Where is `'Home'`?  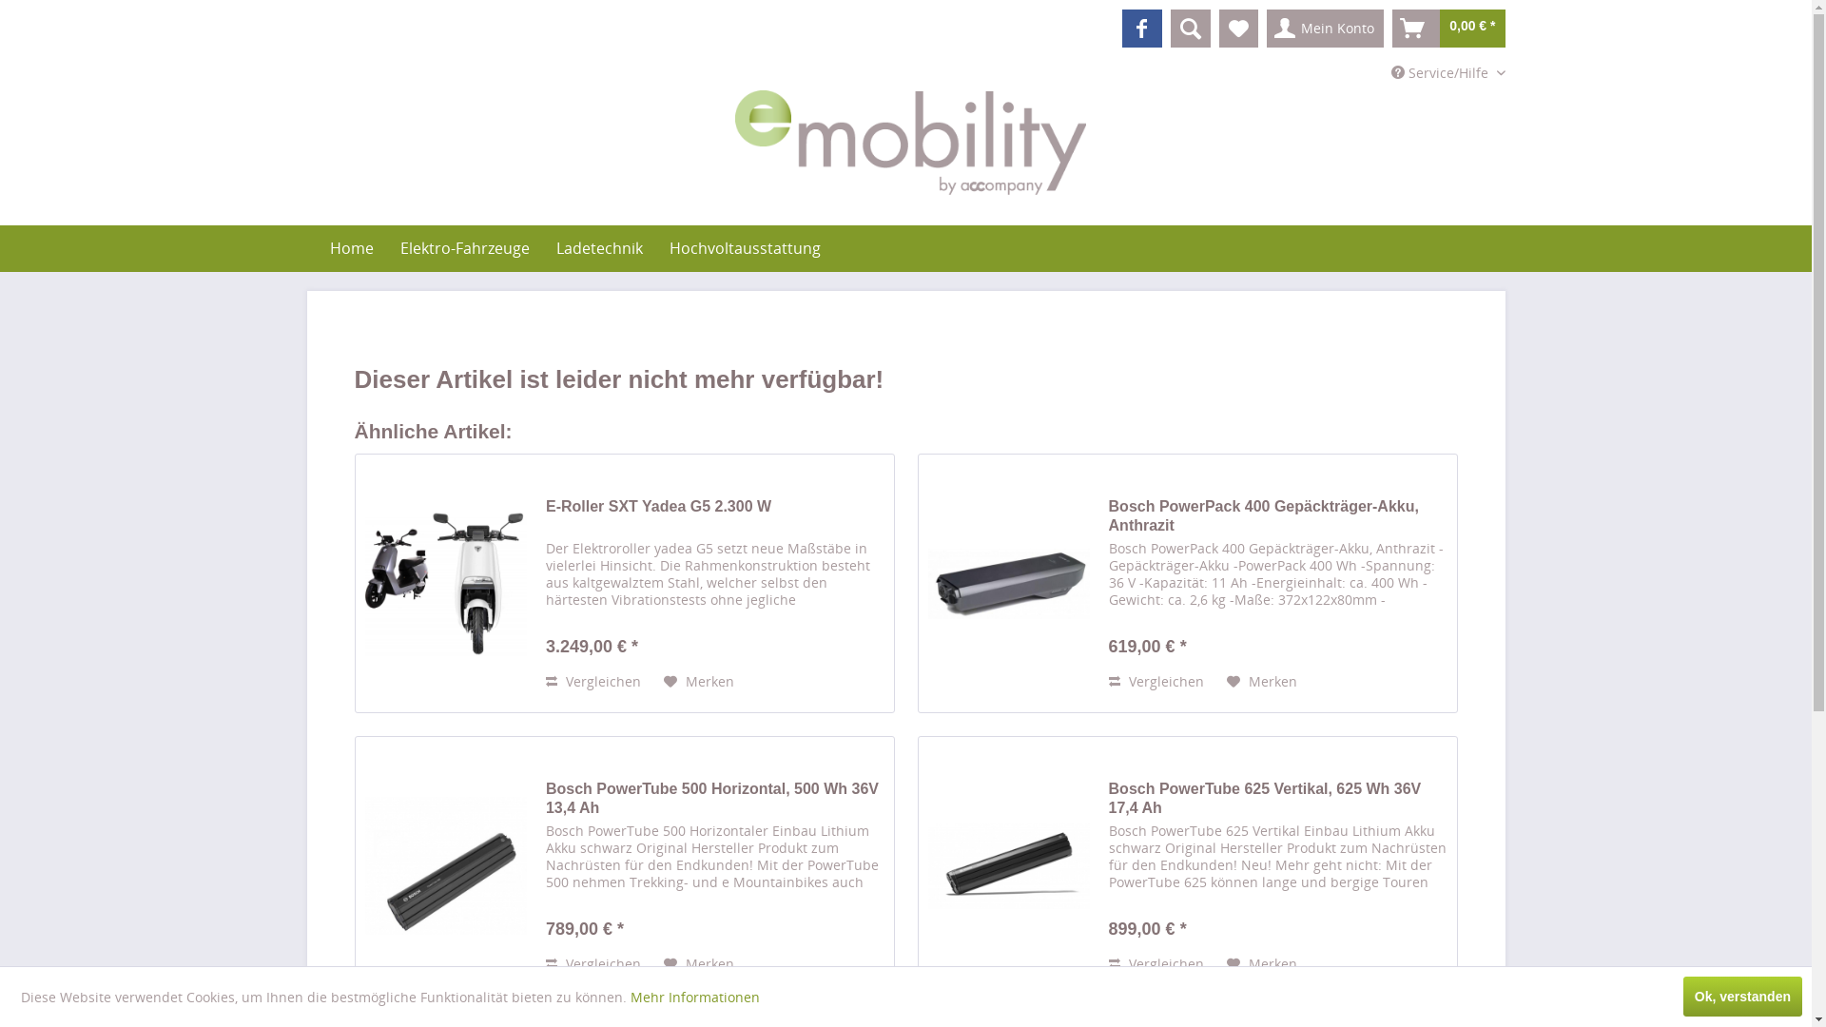 'Home' is located at coordinates (315, 247).